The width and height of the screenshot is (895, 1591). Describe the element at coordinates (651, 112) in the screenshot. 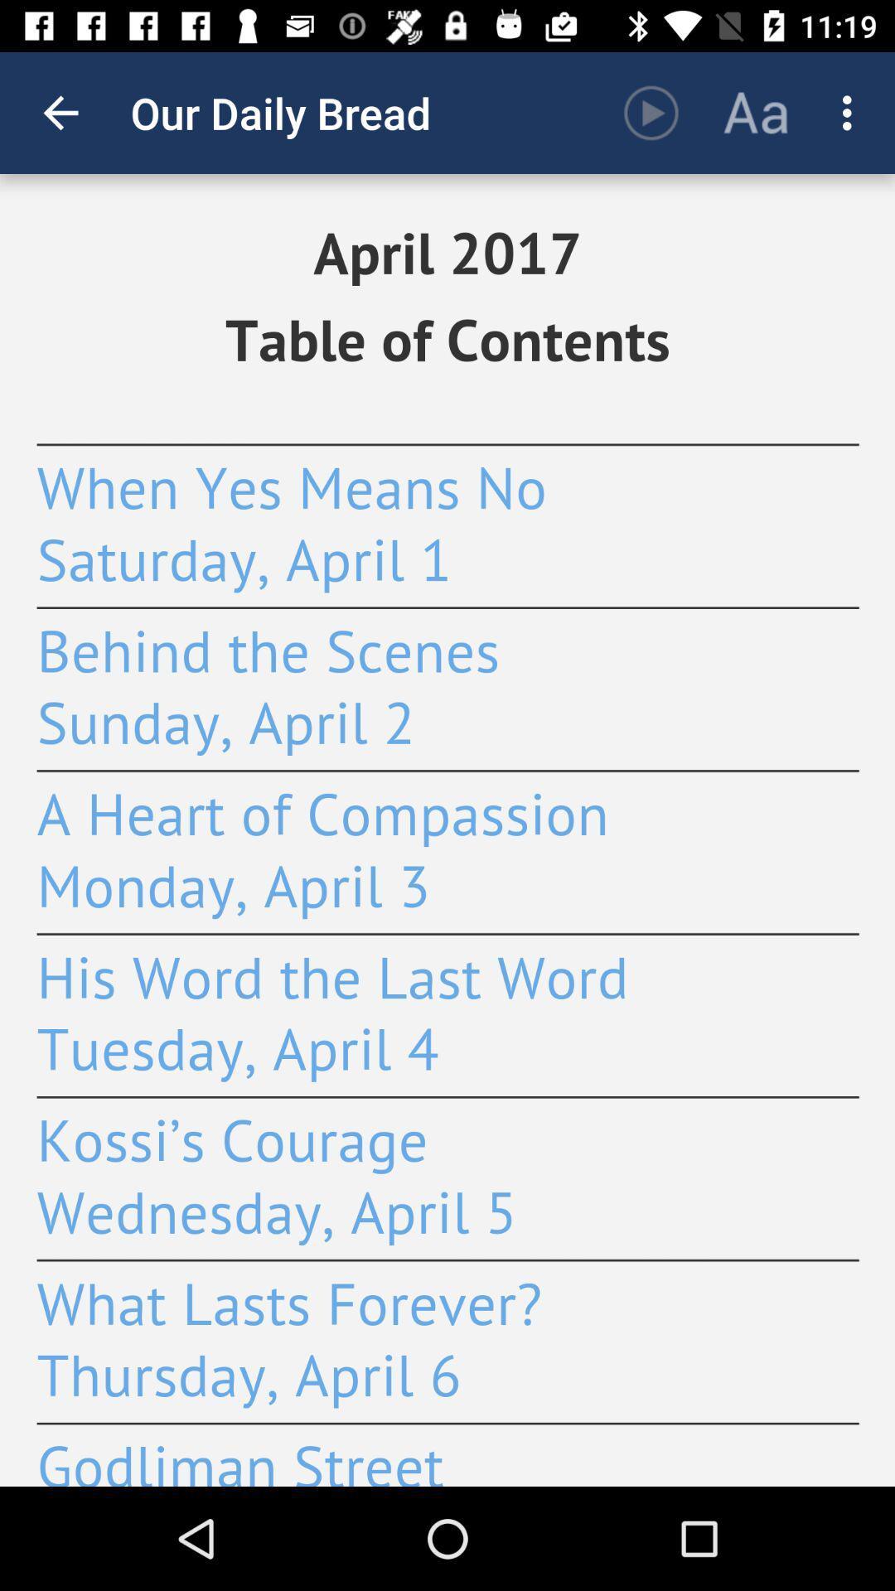

I see `the item next to the our daily bread app` at that location.